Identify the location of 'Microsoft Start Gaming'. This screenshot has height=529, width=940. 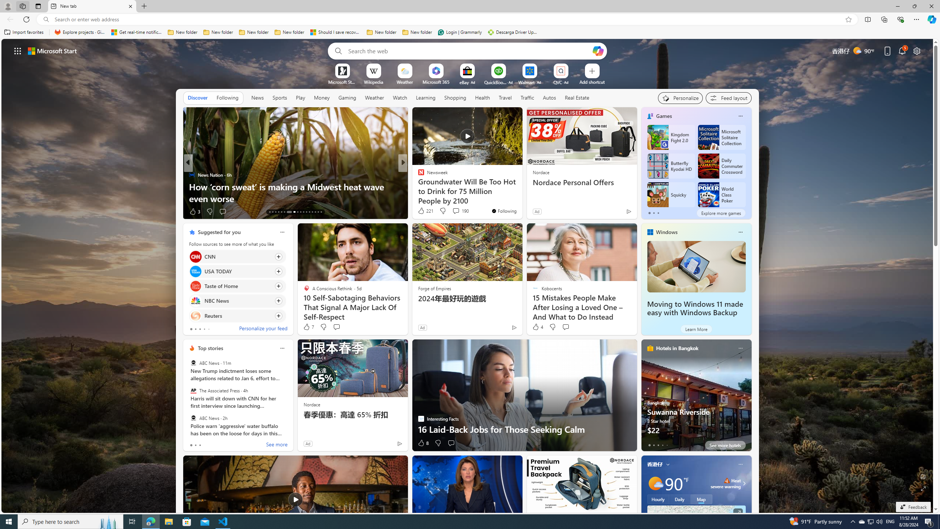
(341, 82).